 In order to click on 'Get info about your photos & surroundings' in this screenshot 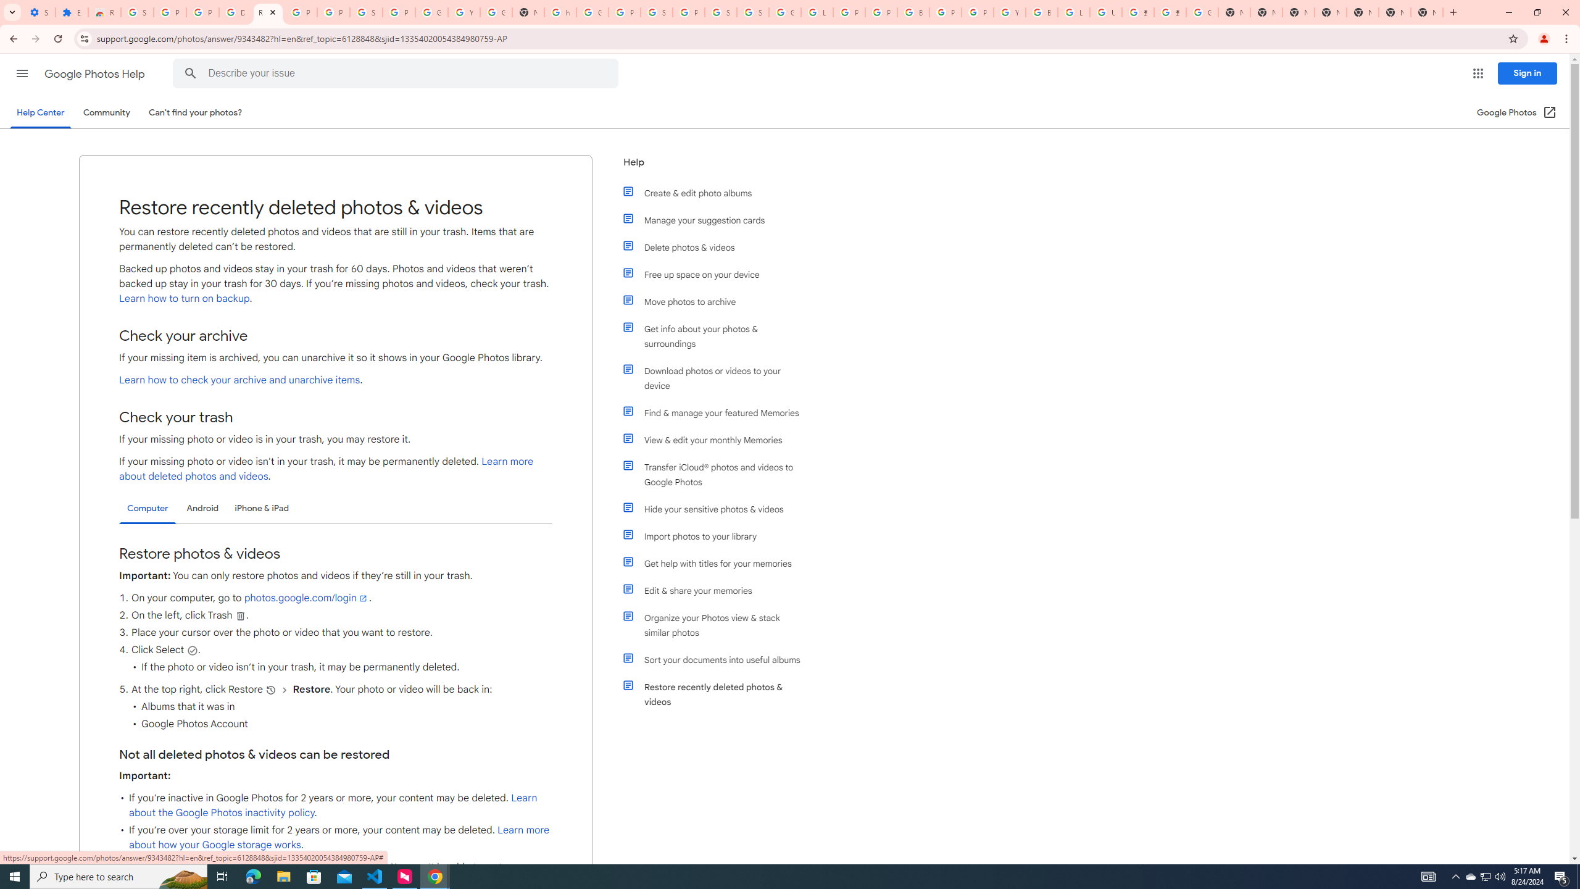, I will do `click(717, 336)`.